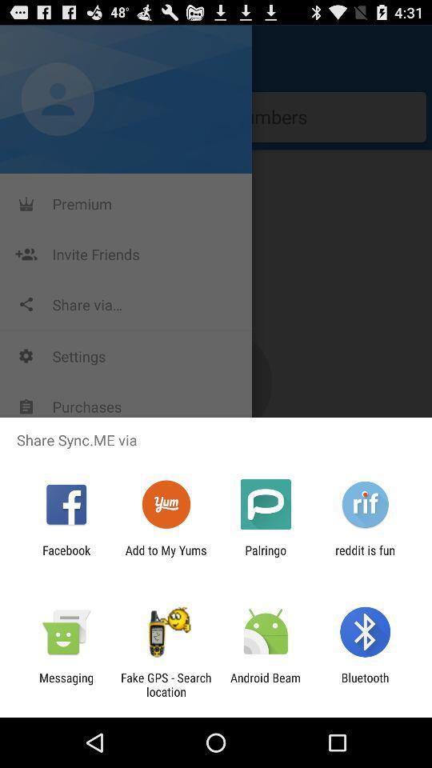 The height and width of the screenshot is (768, 432). Describe the element at coordinates (266, 557) in the screenshot. I see `app to the right of add to my icon` at that location.